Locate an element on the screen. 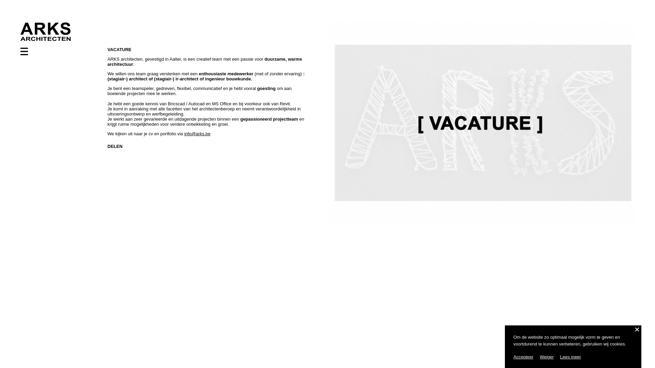 The height and width of the screenshot is (368, 655). 'Weiger' is located at coordinates (547, 356).